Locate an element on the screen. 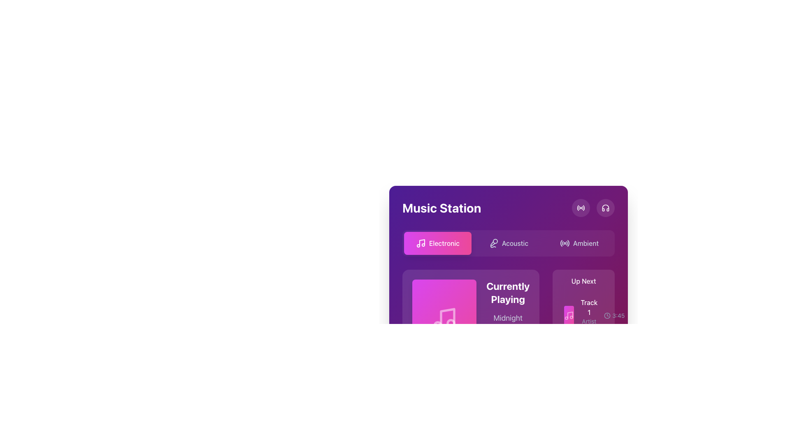  the 'Acoustic' selectable tab button in the horizontal menu is located at coordinates (508, 250).